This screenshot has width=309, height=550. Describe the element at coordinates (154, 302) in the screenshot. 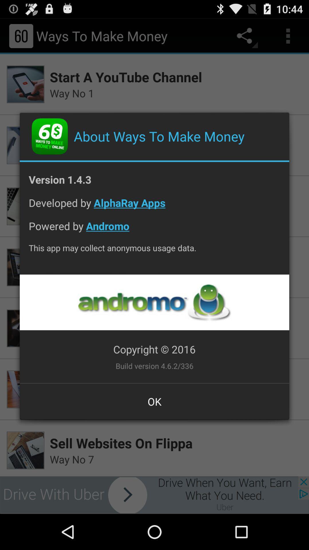

I see `visit creators website` at that location.